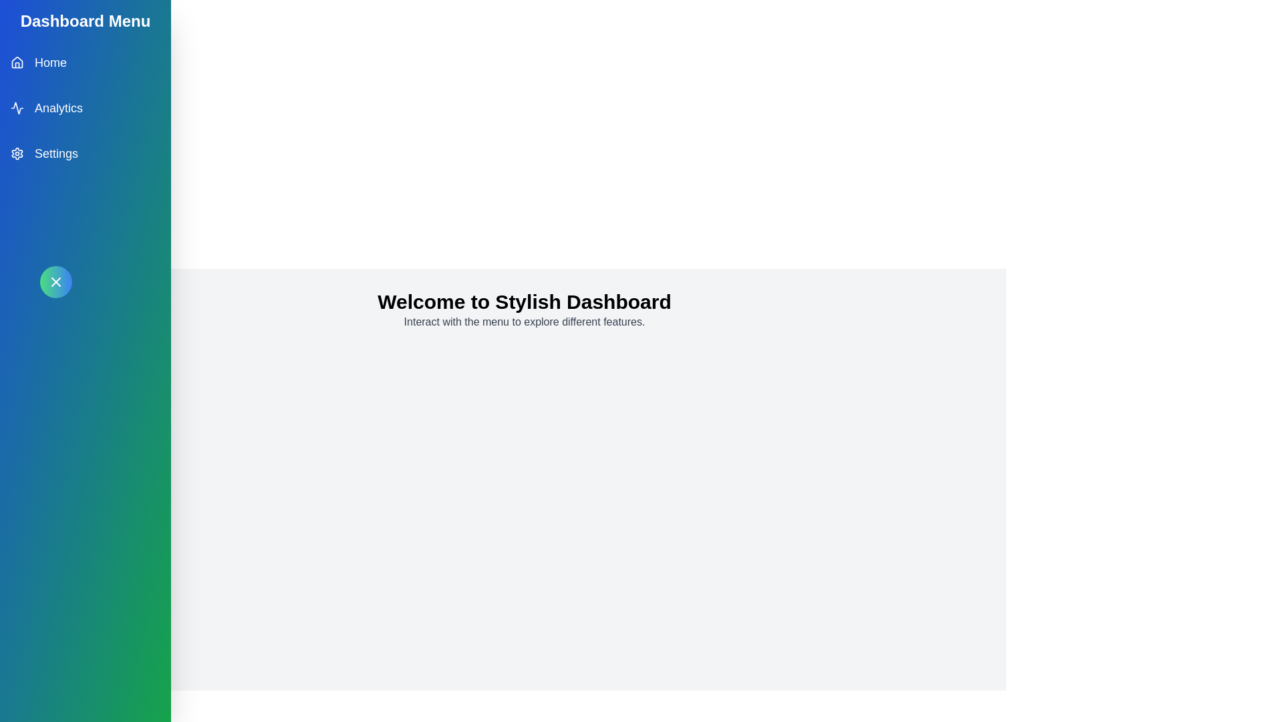  I want to click on the button in the top-left corner to toggle the menu visibility, so click(55, 281).